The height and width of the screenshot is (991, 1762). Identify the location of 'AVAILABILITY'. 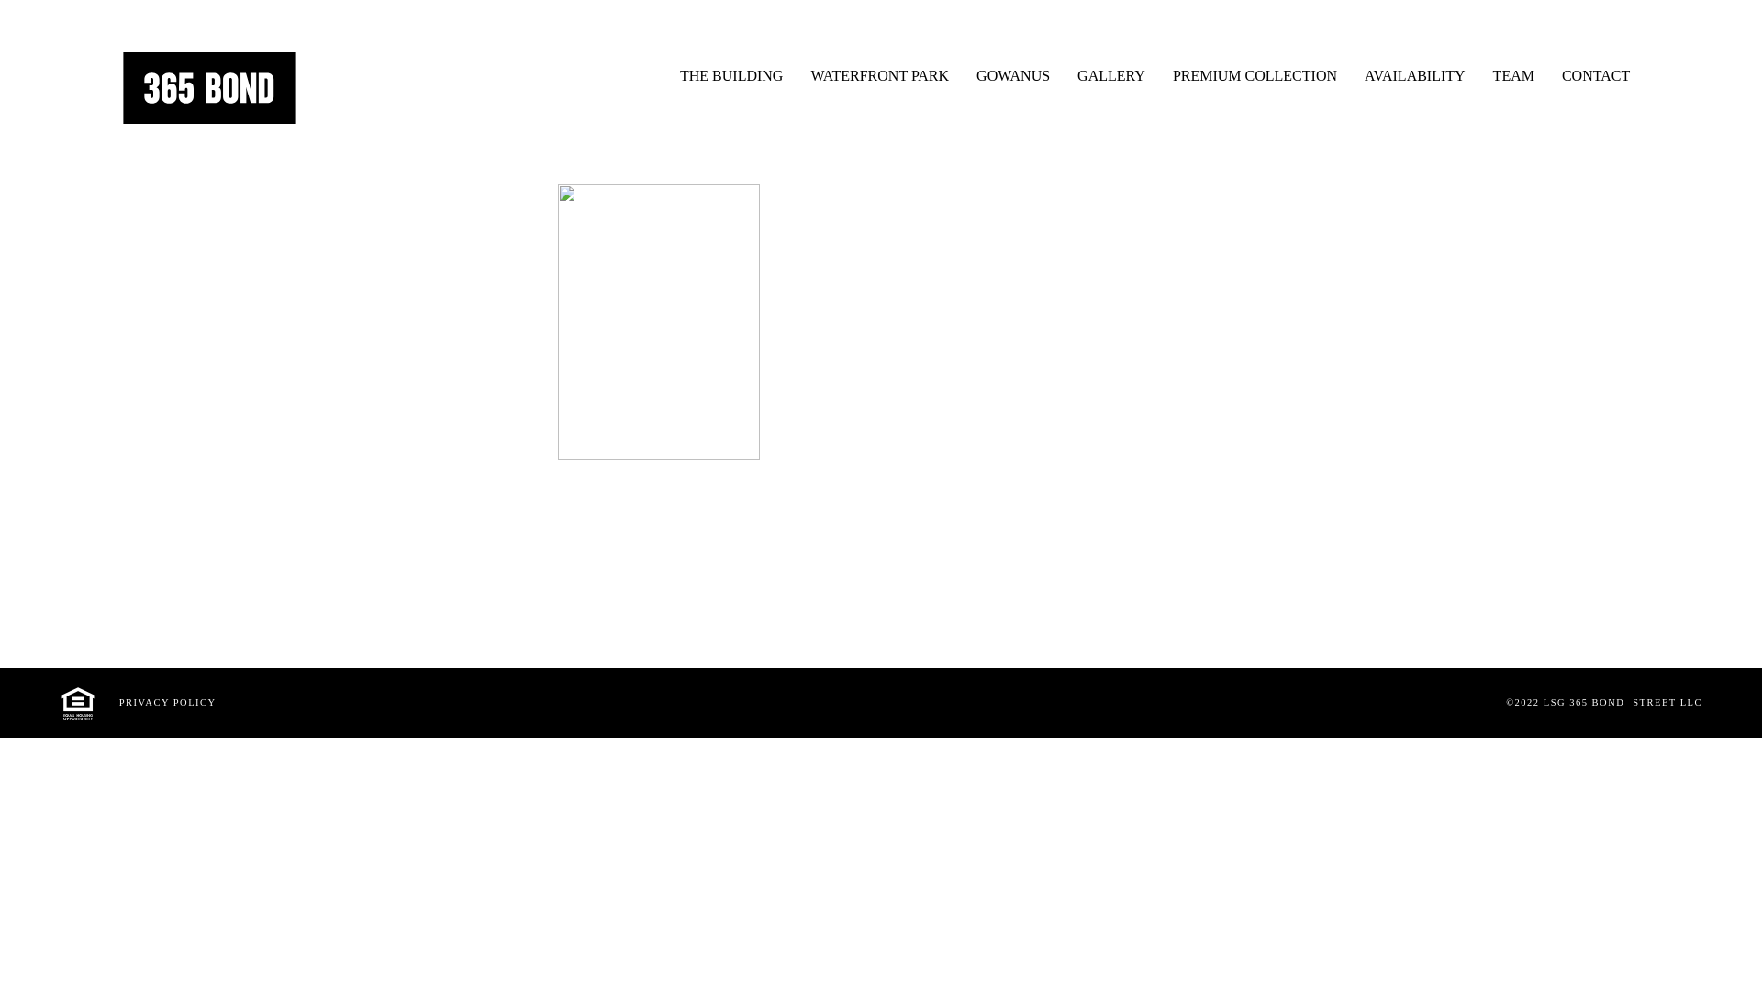
(1413, 70).